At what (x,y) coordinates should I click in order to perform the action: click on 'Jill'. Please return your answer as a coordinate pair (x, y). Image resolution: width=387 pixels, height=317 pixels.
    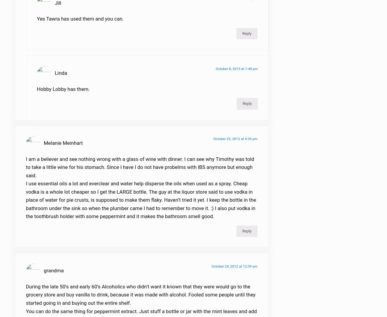
    Looking at the image, I should click on (58, 6).